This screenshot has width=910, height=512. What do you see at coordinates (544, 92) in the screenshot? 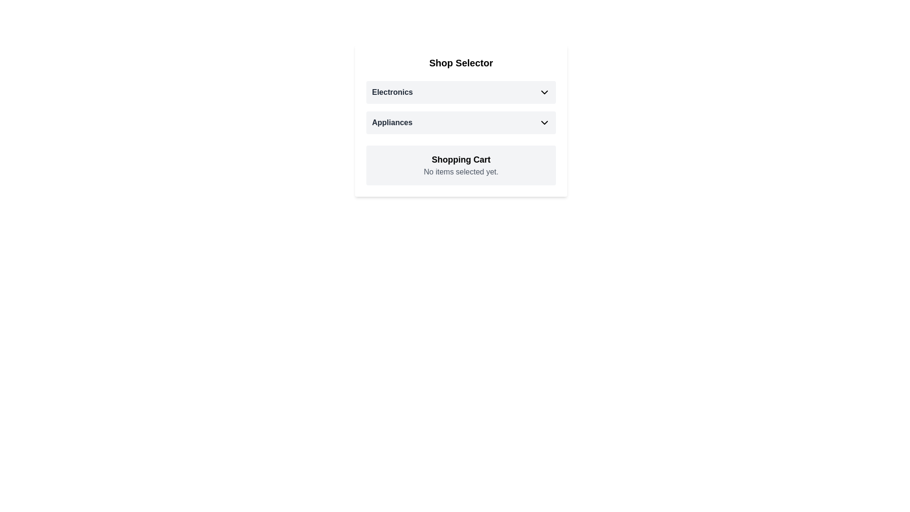
I see `the rightmost icon in the 'Electronics' category bar` at bounding box center [544, 92].